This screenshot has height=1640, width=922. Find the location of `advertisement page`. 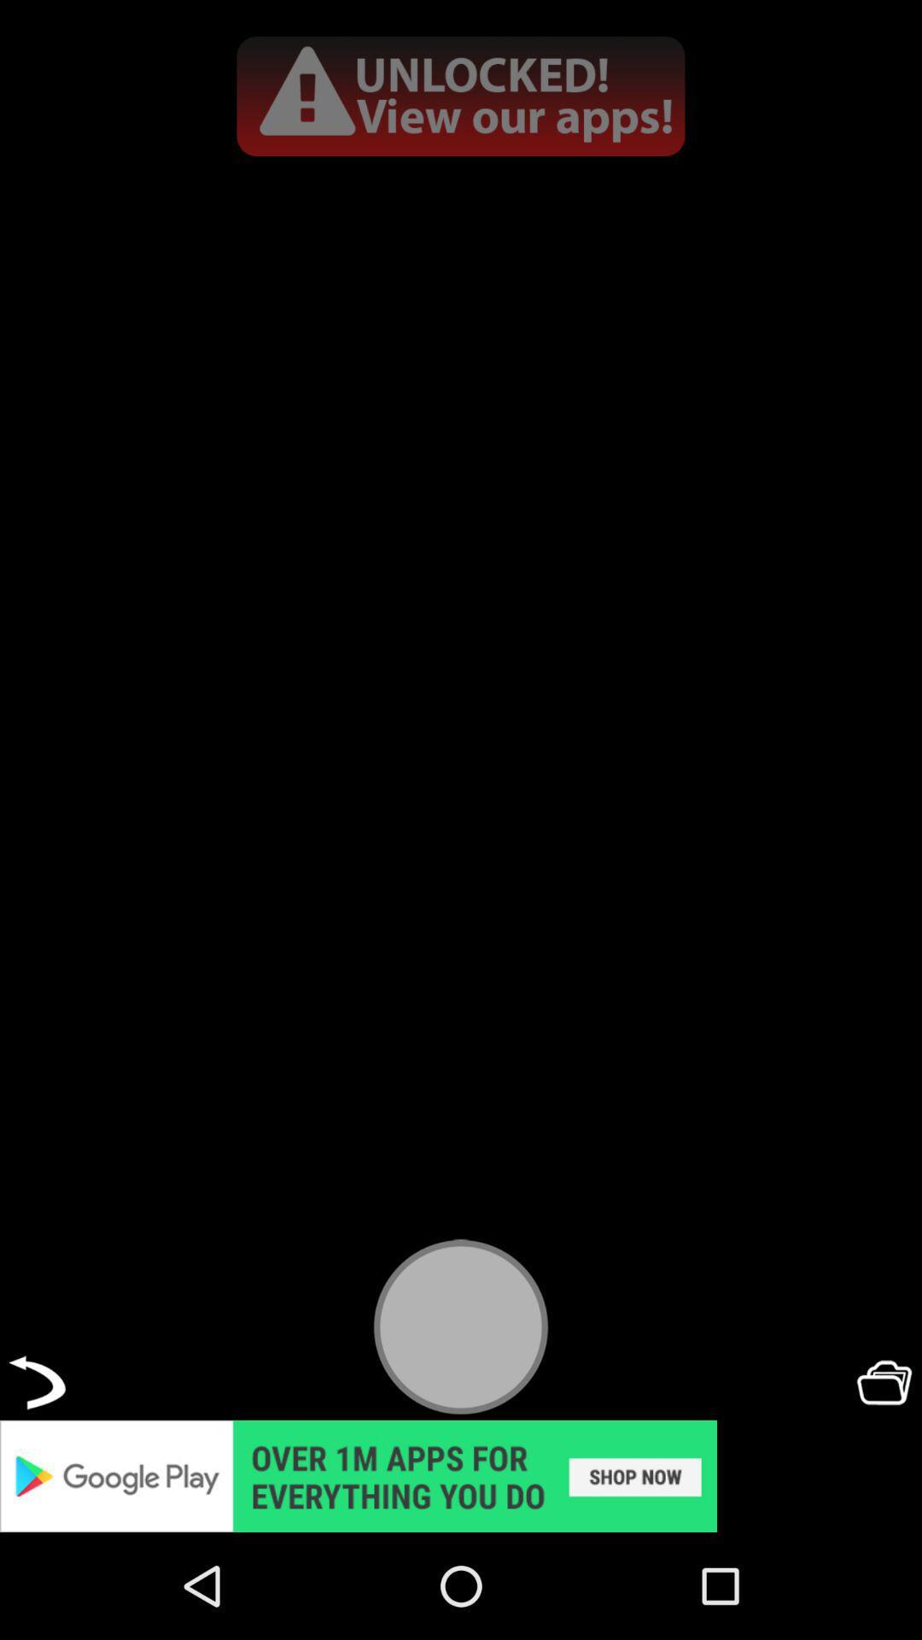

advertisement page is located at coordinates (461, 95).